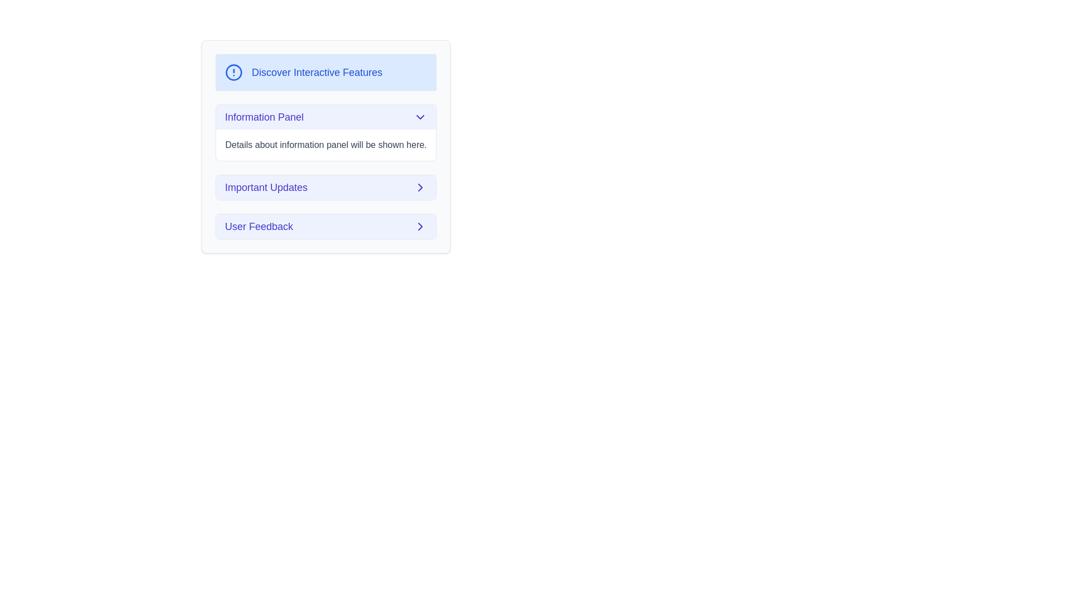 This screenshot has height=603, width=1072. Describe the element at coordinates (264, 117) in the screenshot. I see `the 'Information Panel' text label, which is displayed in a bold purple font and has a light purple background, positioned within a wider horizontal bar with an arrow icon on the right` at that location.